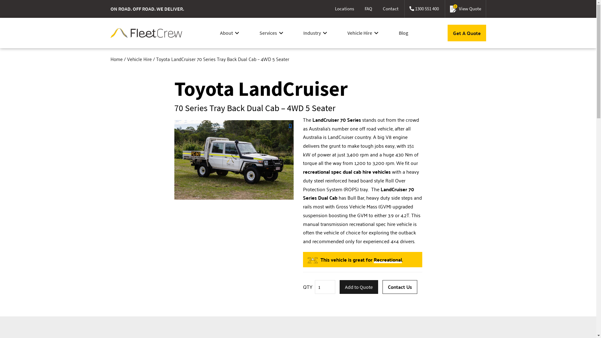  Describe the element at coordinates (424, 9) in the screenshot. I see `'1300 551 400'` at that location.